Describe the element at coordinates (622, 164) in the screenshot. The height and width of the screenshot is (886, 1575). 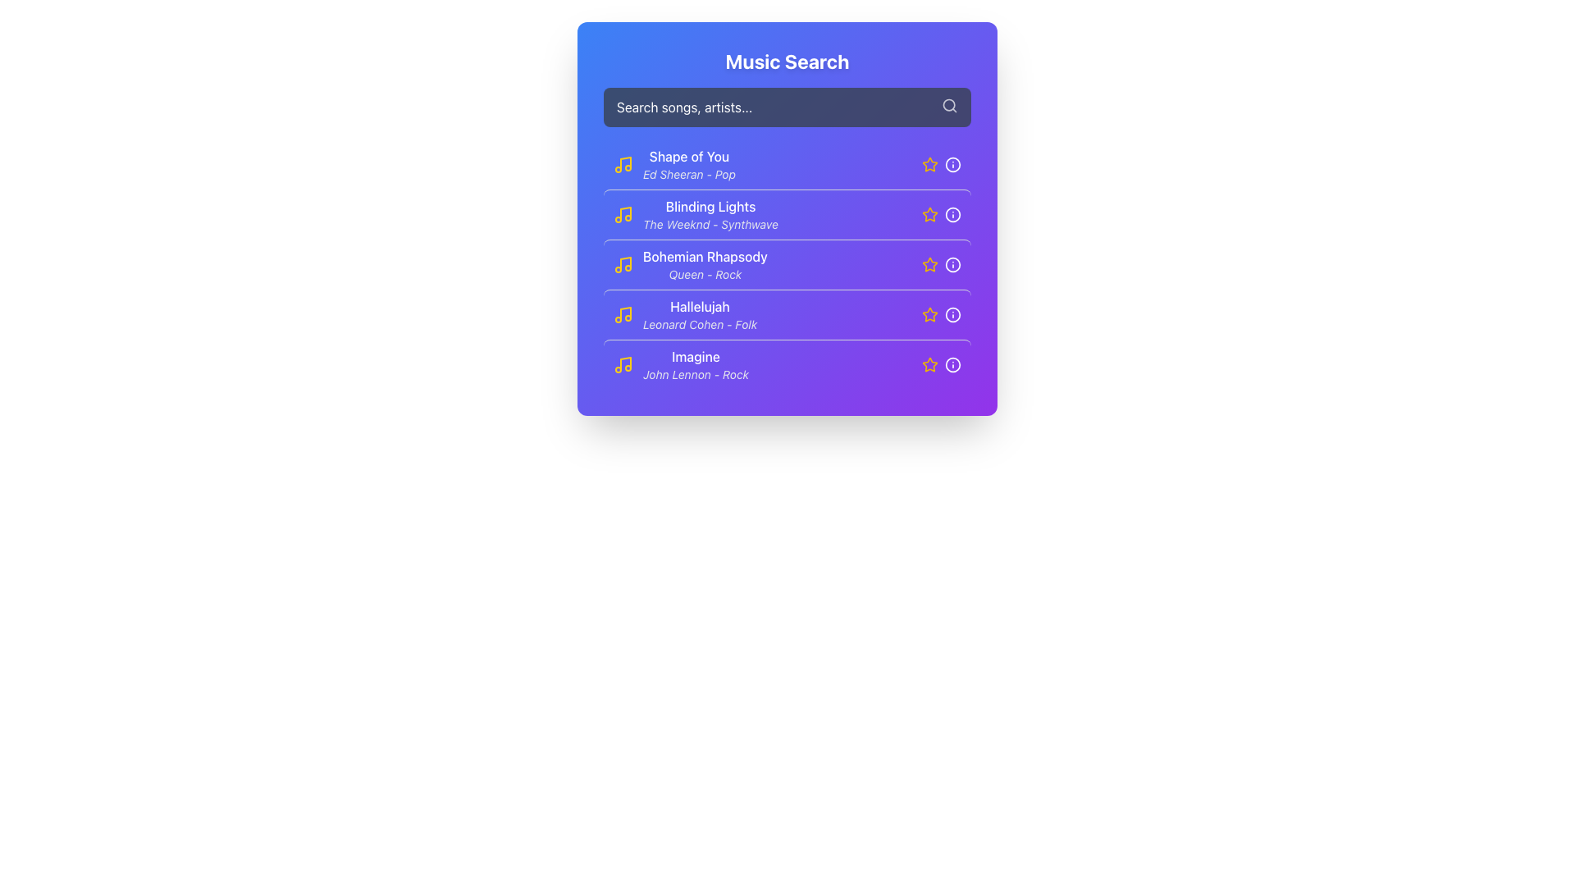
I see `the music icon representing the song 'Shape of You Ed Sheeran - Pop' in the first entry of the music search results` at that location.